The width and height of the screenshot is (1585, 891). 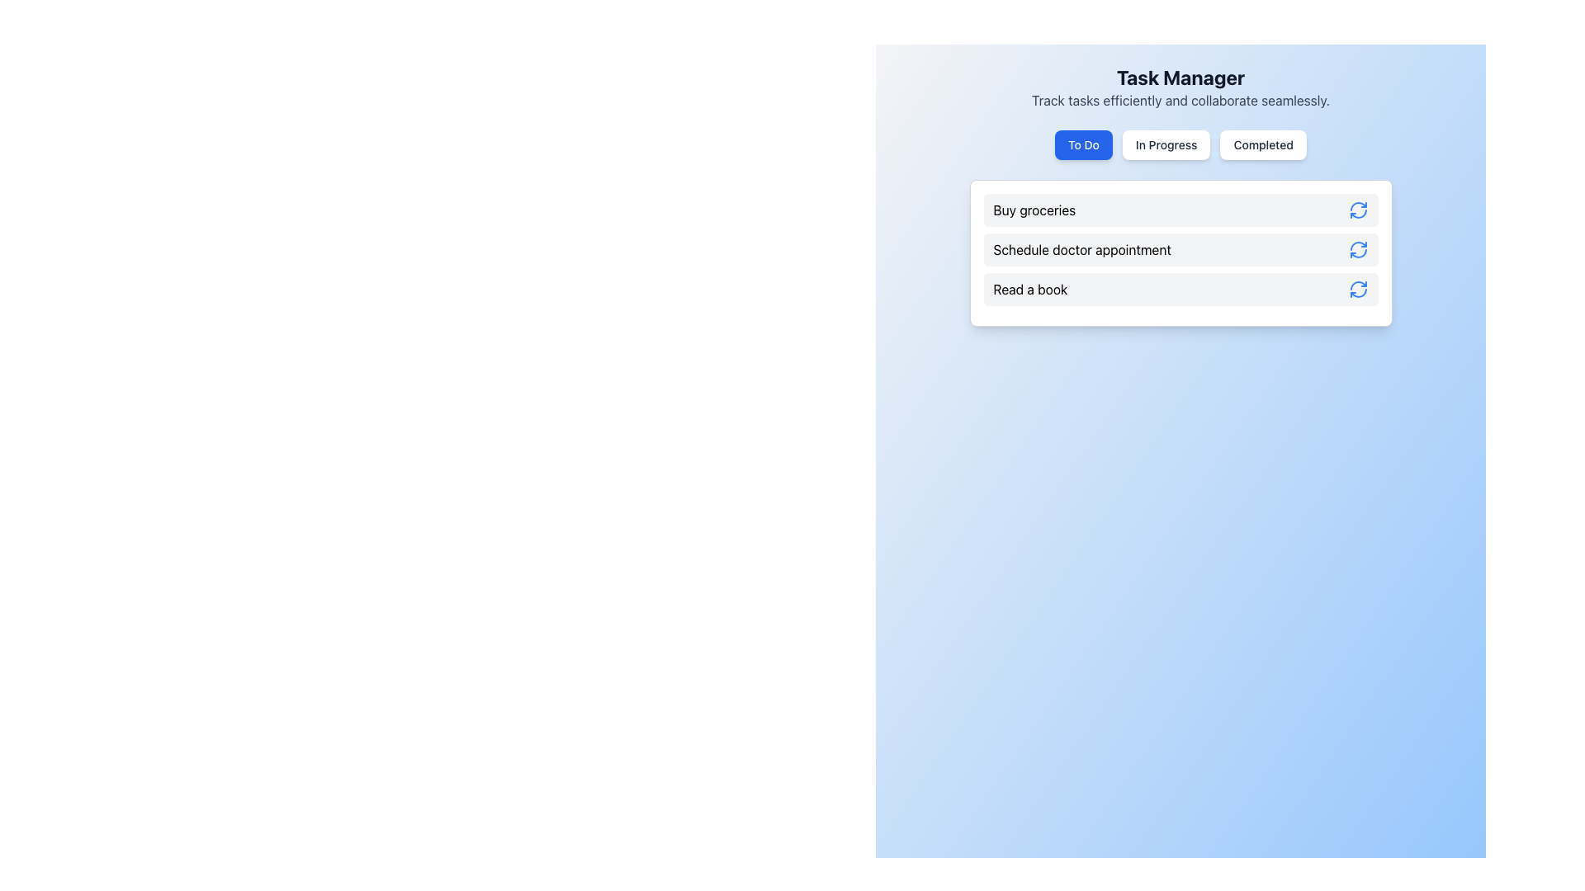 What do you see at coordinates (1358, 209) in the screenshot?
I see `the refresh icon located to the right of the 'Buy groceries' task, which is the third element in the horizontal alignment of elements` at bounding box center [1358, 209].